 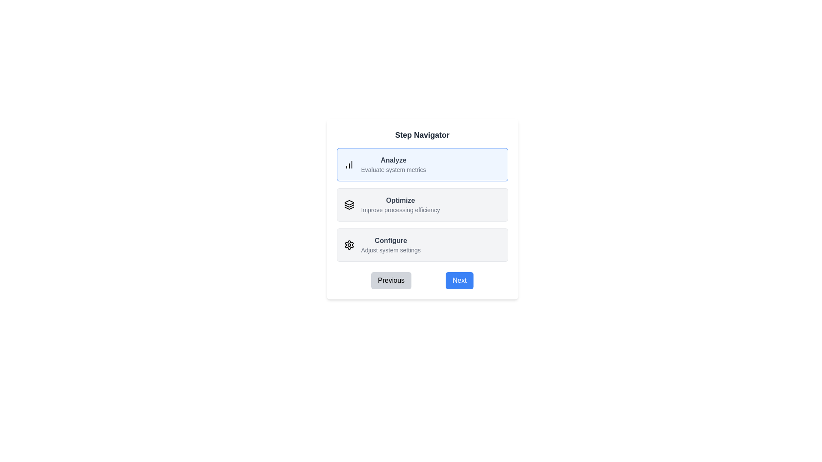 What do you see at coordinates (349, 245) in the screenshot?
I see `the gear icon located at the bottom of the 'Configure' button area` at bounding box center [349, 245].